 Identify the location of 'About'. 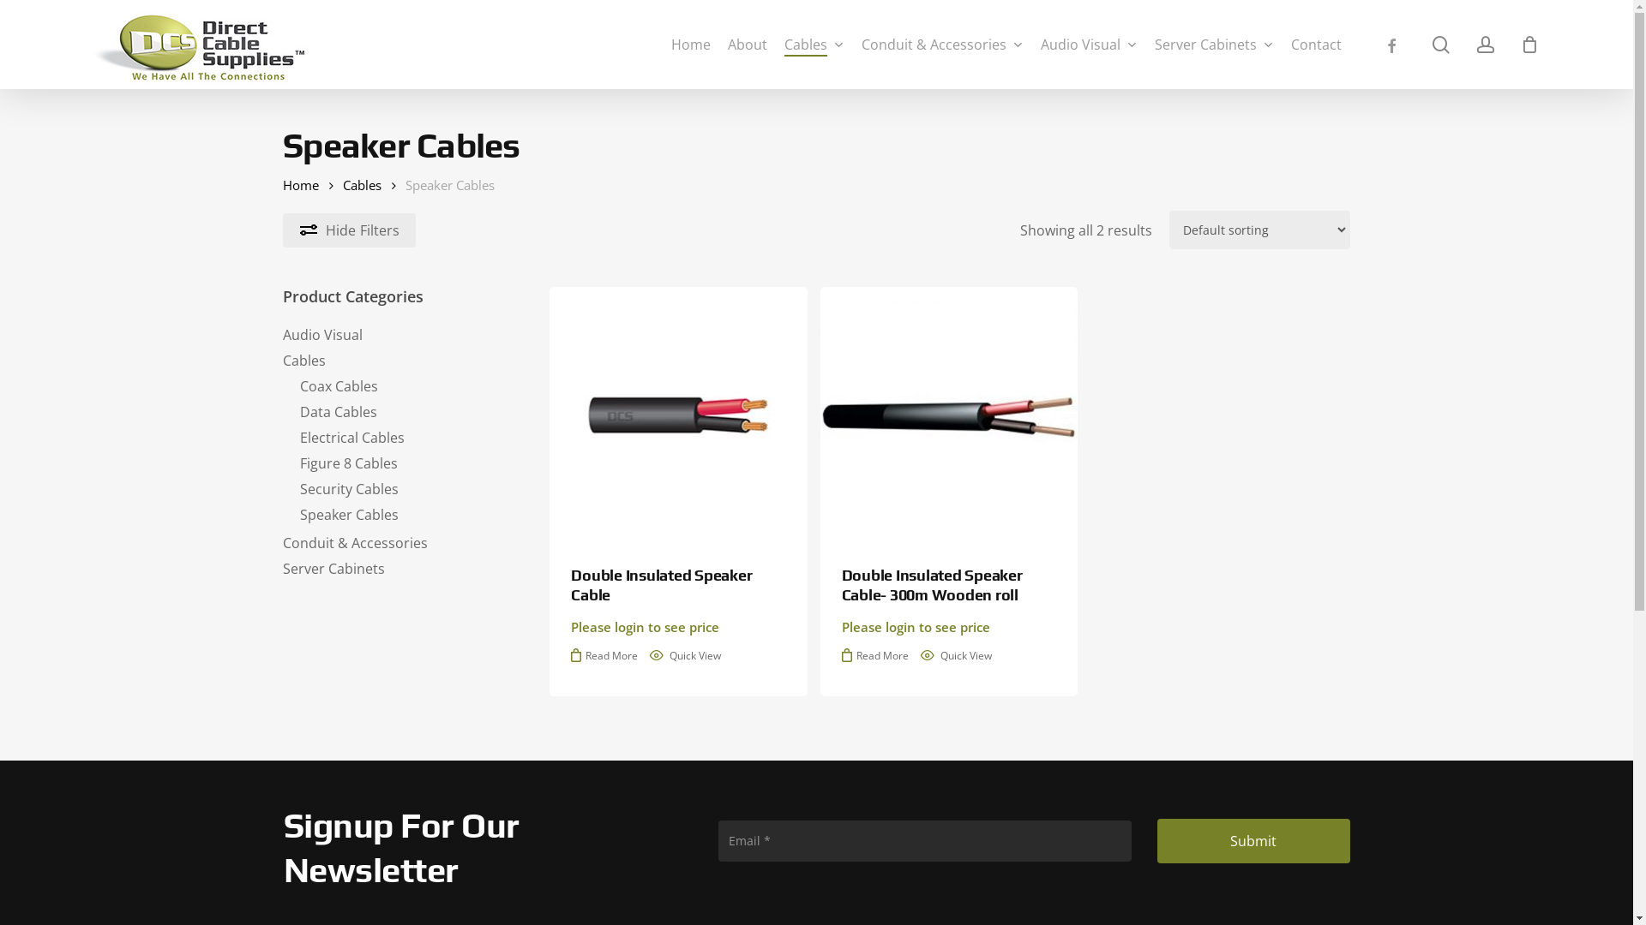
(748, 43).